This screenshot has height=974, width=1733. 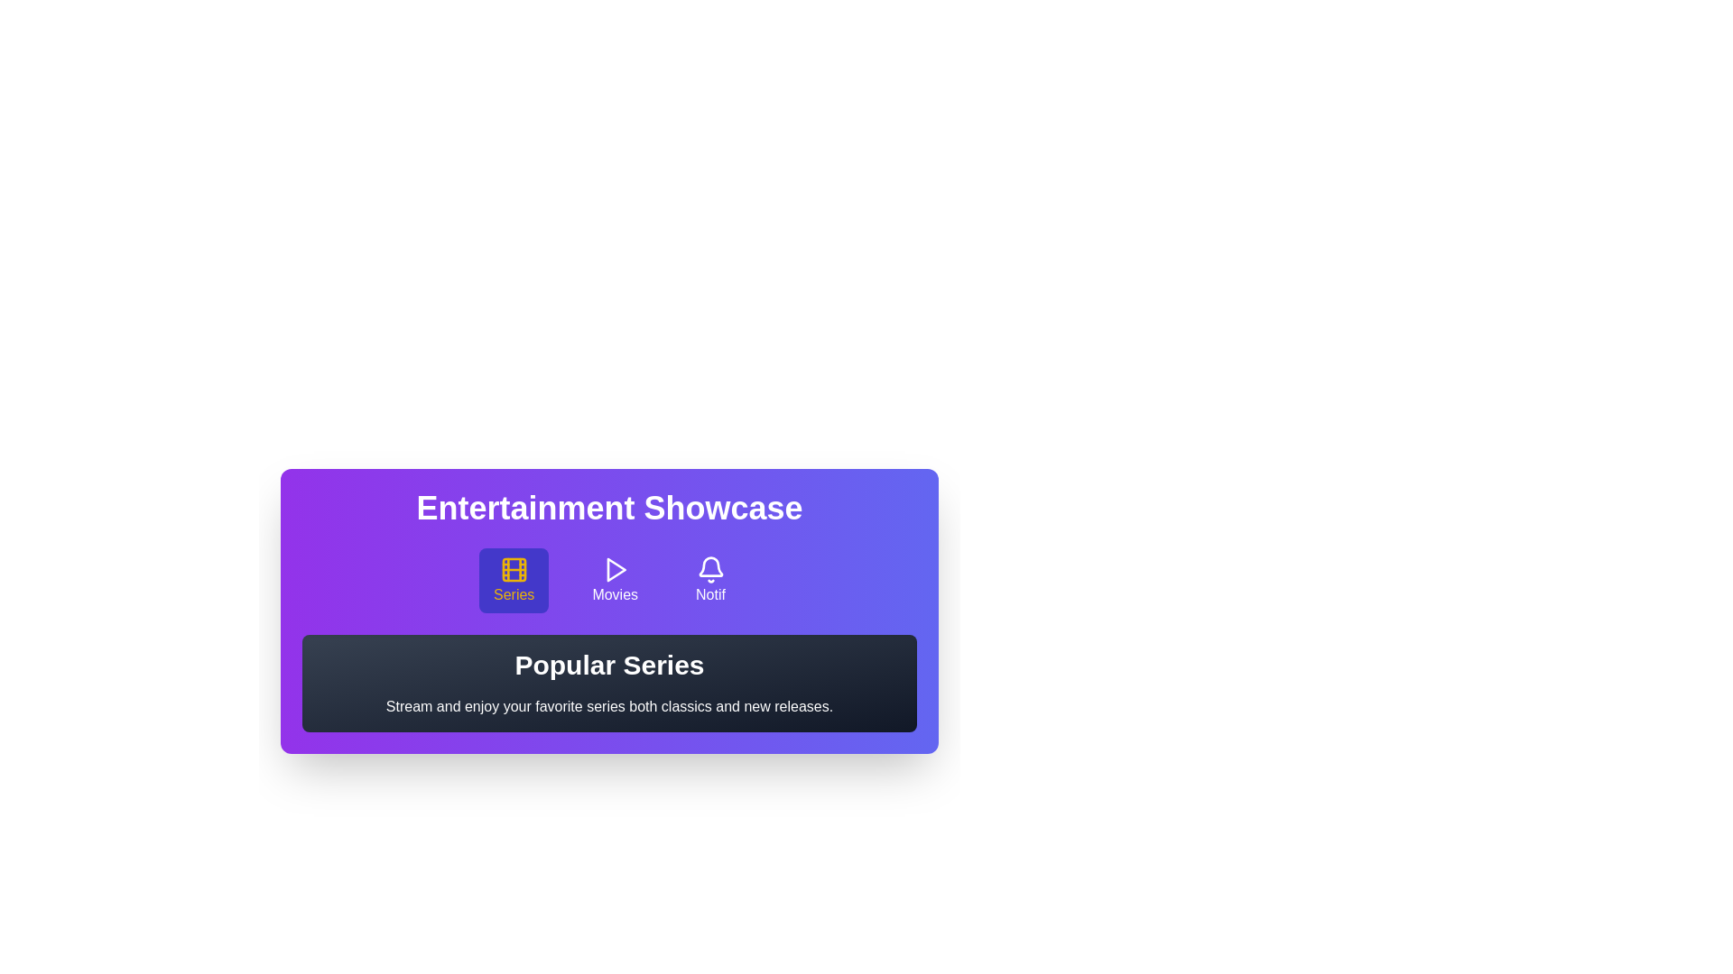 I want to click on the navigational button for 'Movies', which is the second button in a horizontal layout between 'Series' and 'Notif', so click(x=615, y=581).